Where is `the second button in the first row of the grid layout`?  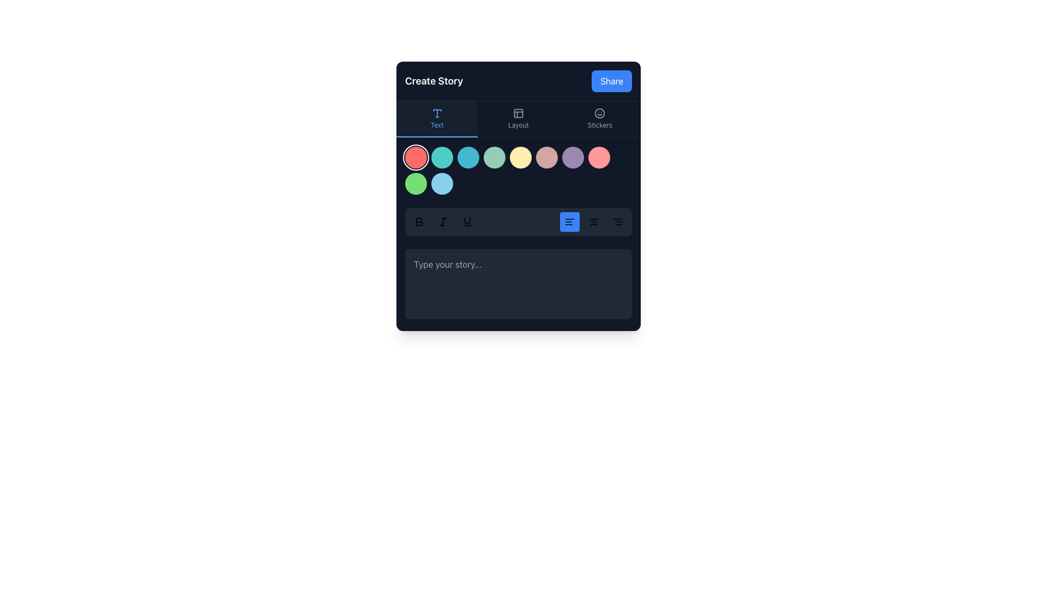
the second button in the first row of the grid layout is located at coordinates (442, 158).